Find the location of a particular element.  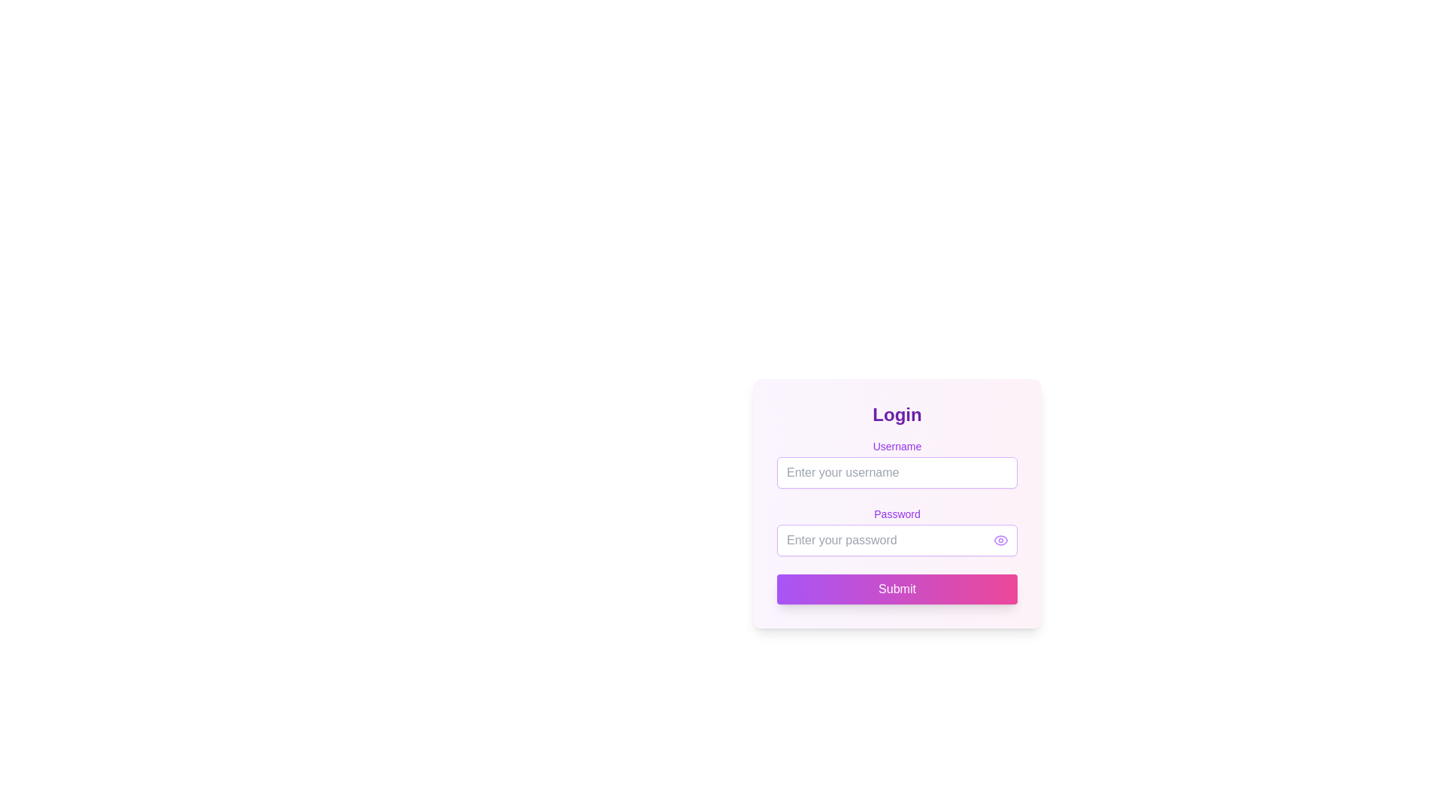

the 'Submit' button is located at coordinates (897, 588).